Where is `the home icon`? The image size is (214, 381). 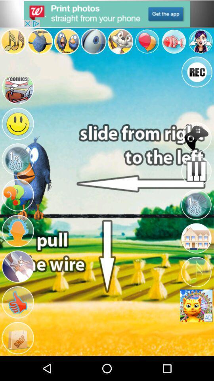
the home icon is located at coordinates (196, 254).